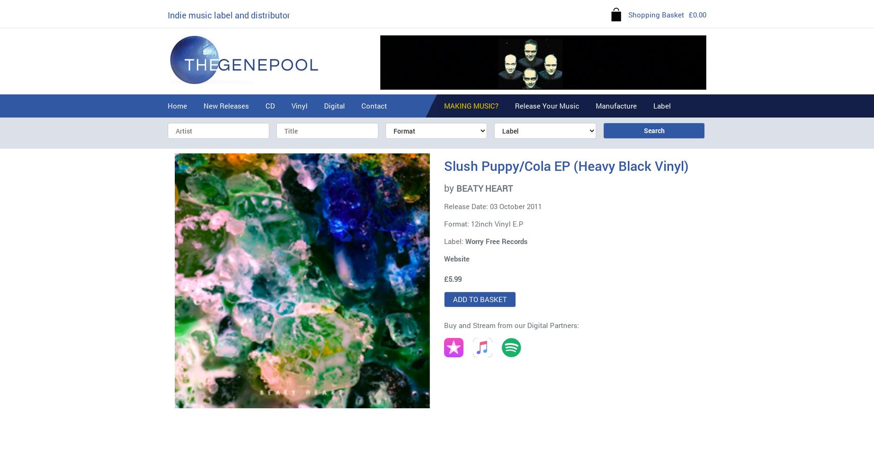 This screenshot has width=874, height=472. Describe the element at coordinates (456, 188) in the screenshot. I see `'BEATY HEART'` at that location.